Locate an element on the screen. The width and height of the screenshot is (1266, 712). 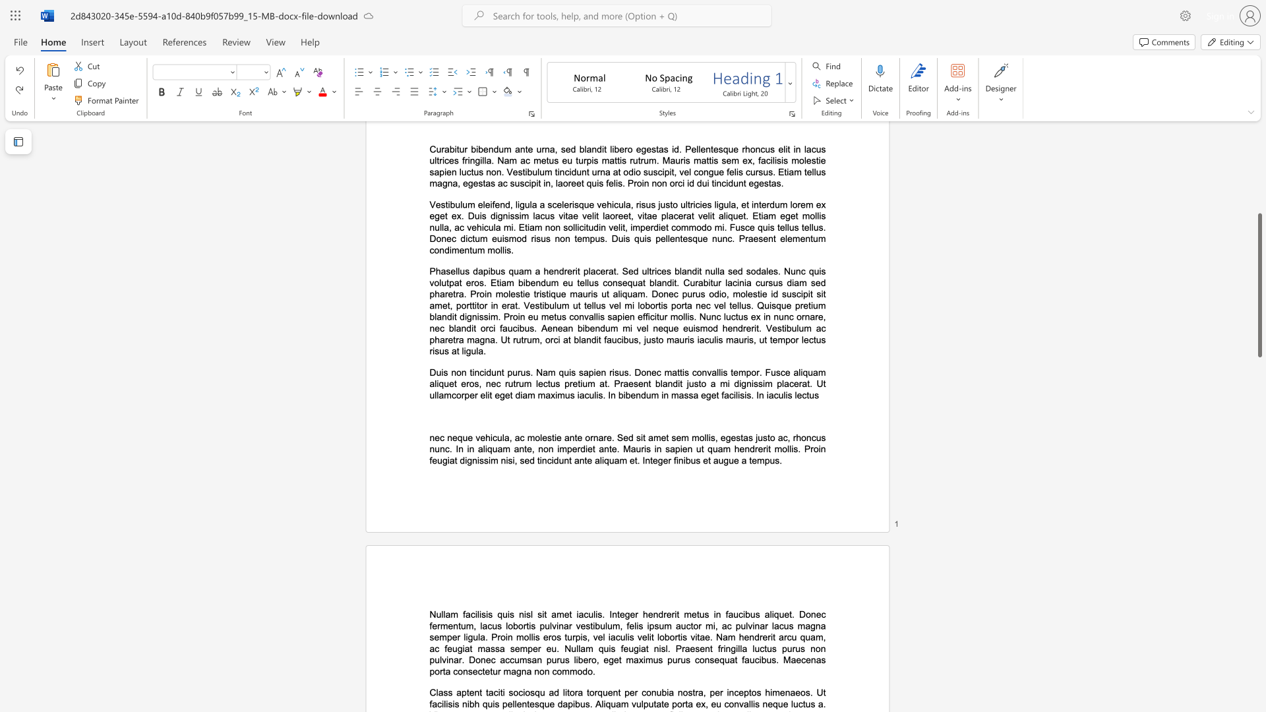
the subset text "magn" within the text "Nullam facilisis quis nisl sit amet iaculis. Integer hendrerit metus in faucibus aliquet. Donec fermentum, lacus lobortis pulvinar vestibulum, felis ipsum auctor mi, ac pulvinar lacus magna" is located at coordinates (797, 625).